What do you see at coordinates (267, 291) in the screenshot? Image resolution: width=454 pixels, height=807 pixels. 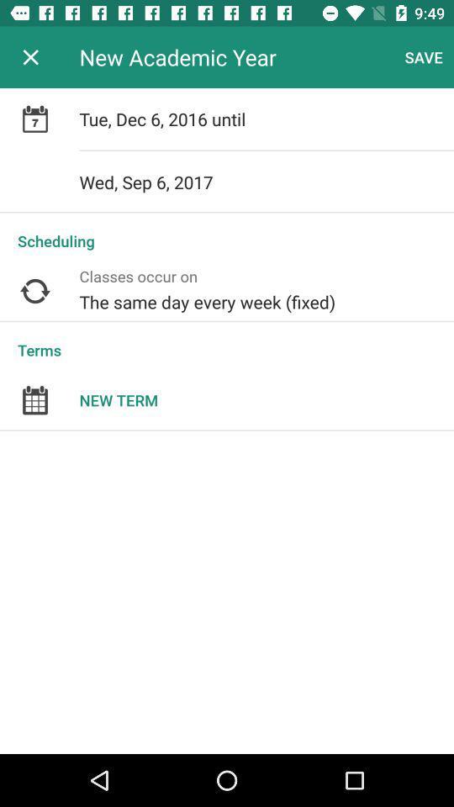 I see `the item above the terms item` at bounding box center [267, 291].